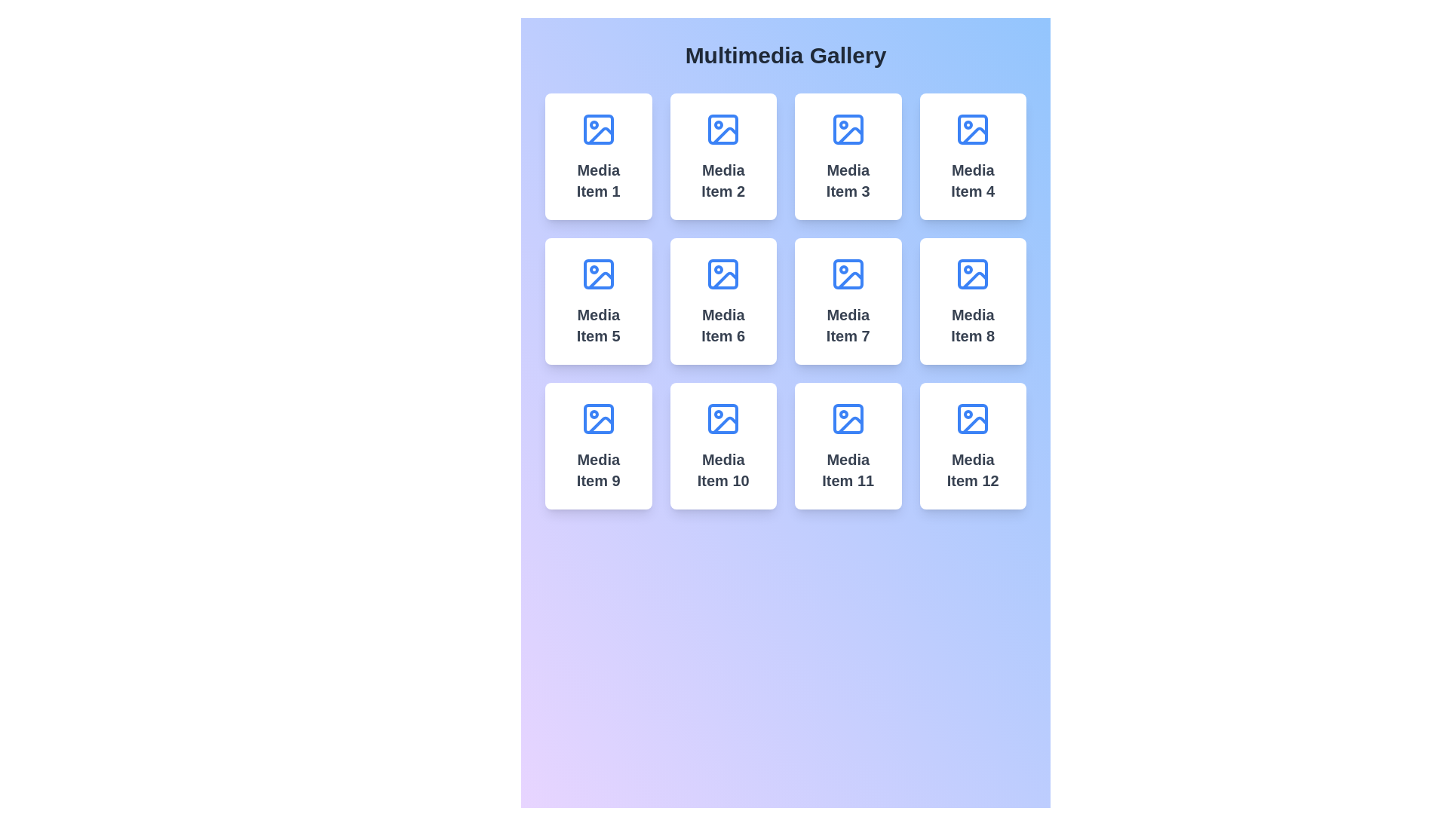  I want to click on the passive visual icon or image thumbnail representing 'Media Item 4', located in the fourth position of the first row of the grid layout, so click(973, 129).